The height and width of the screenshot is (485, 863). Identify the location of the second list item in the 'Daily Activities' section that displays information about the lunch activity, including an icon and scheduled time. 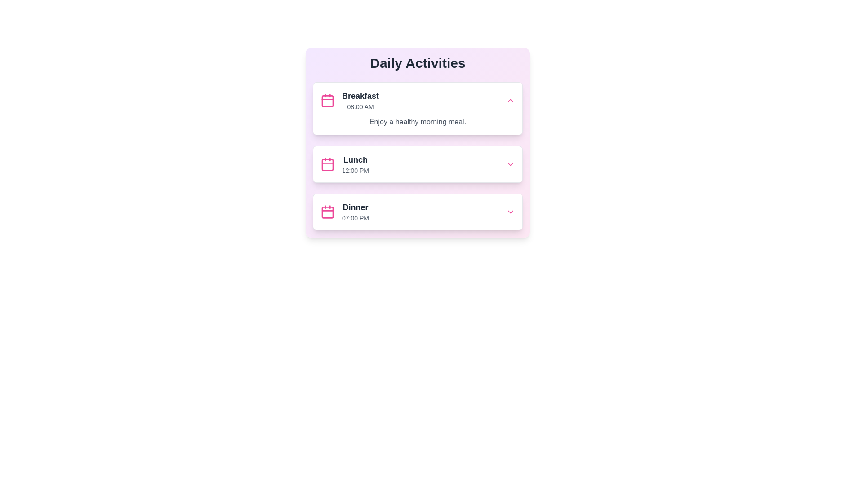
(344, 164).